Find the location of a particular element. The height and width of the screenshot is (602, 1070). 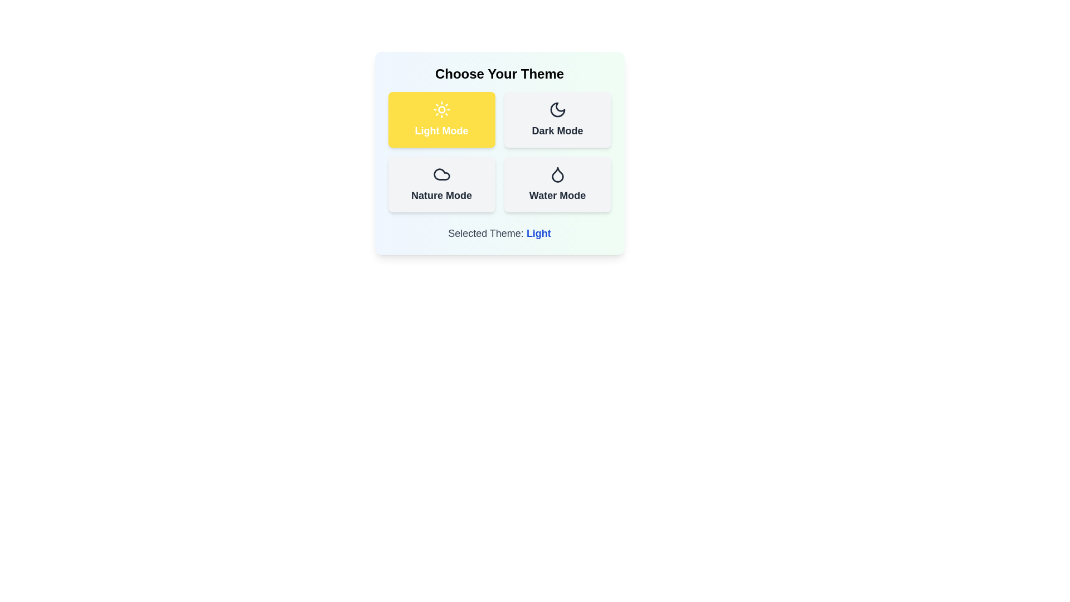

the theme button labeled Nature Mode is located at coordinates (441, 184).